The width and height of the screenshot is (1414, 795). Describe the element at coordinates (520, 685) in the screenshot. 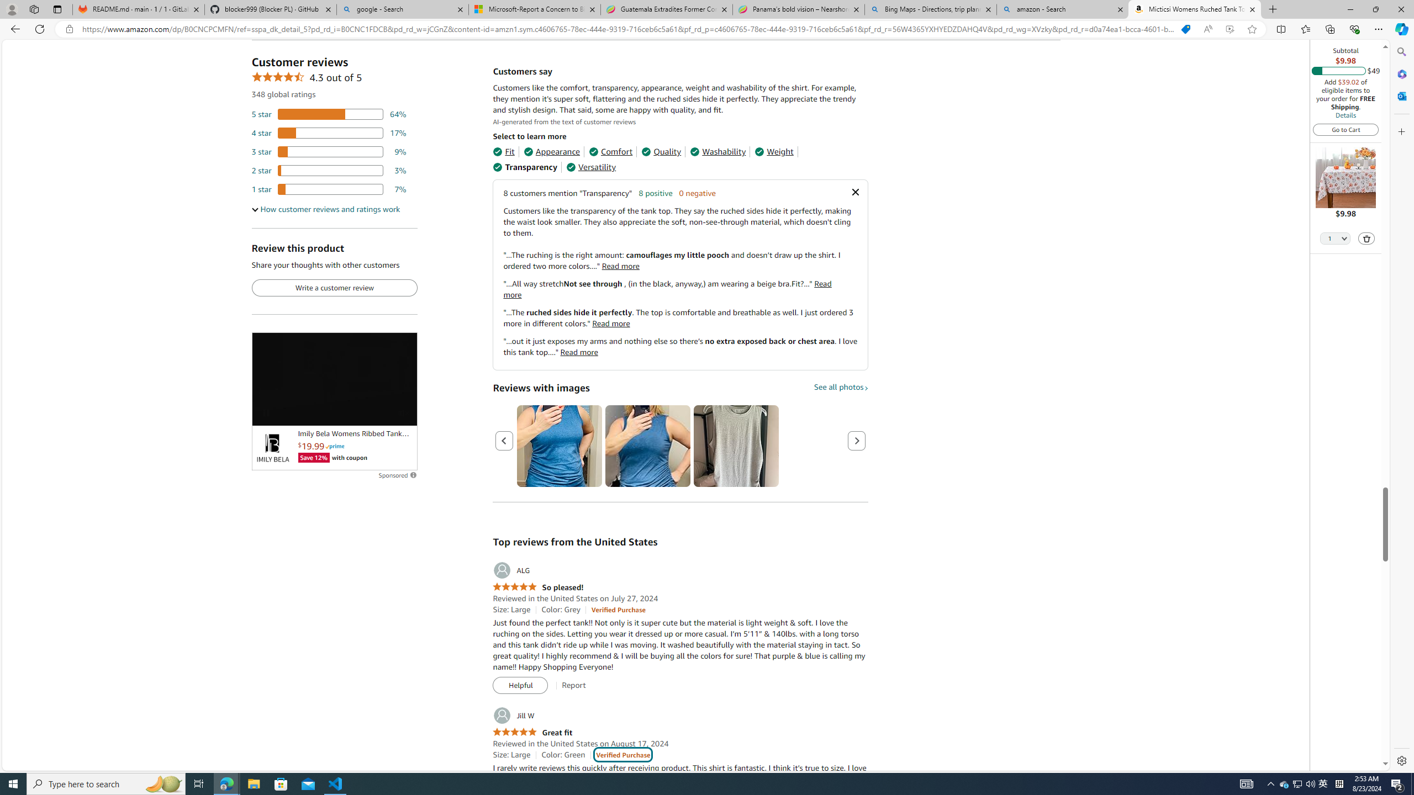

I see `'Helpful'` at that location.